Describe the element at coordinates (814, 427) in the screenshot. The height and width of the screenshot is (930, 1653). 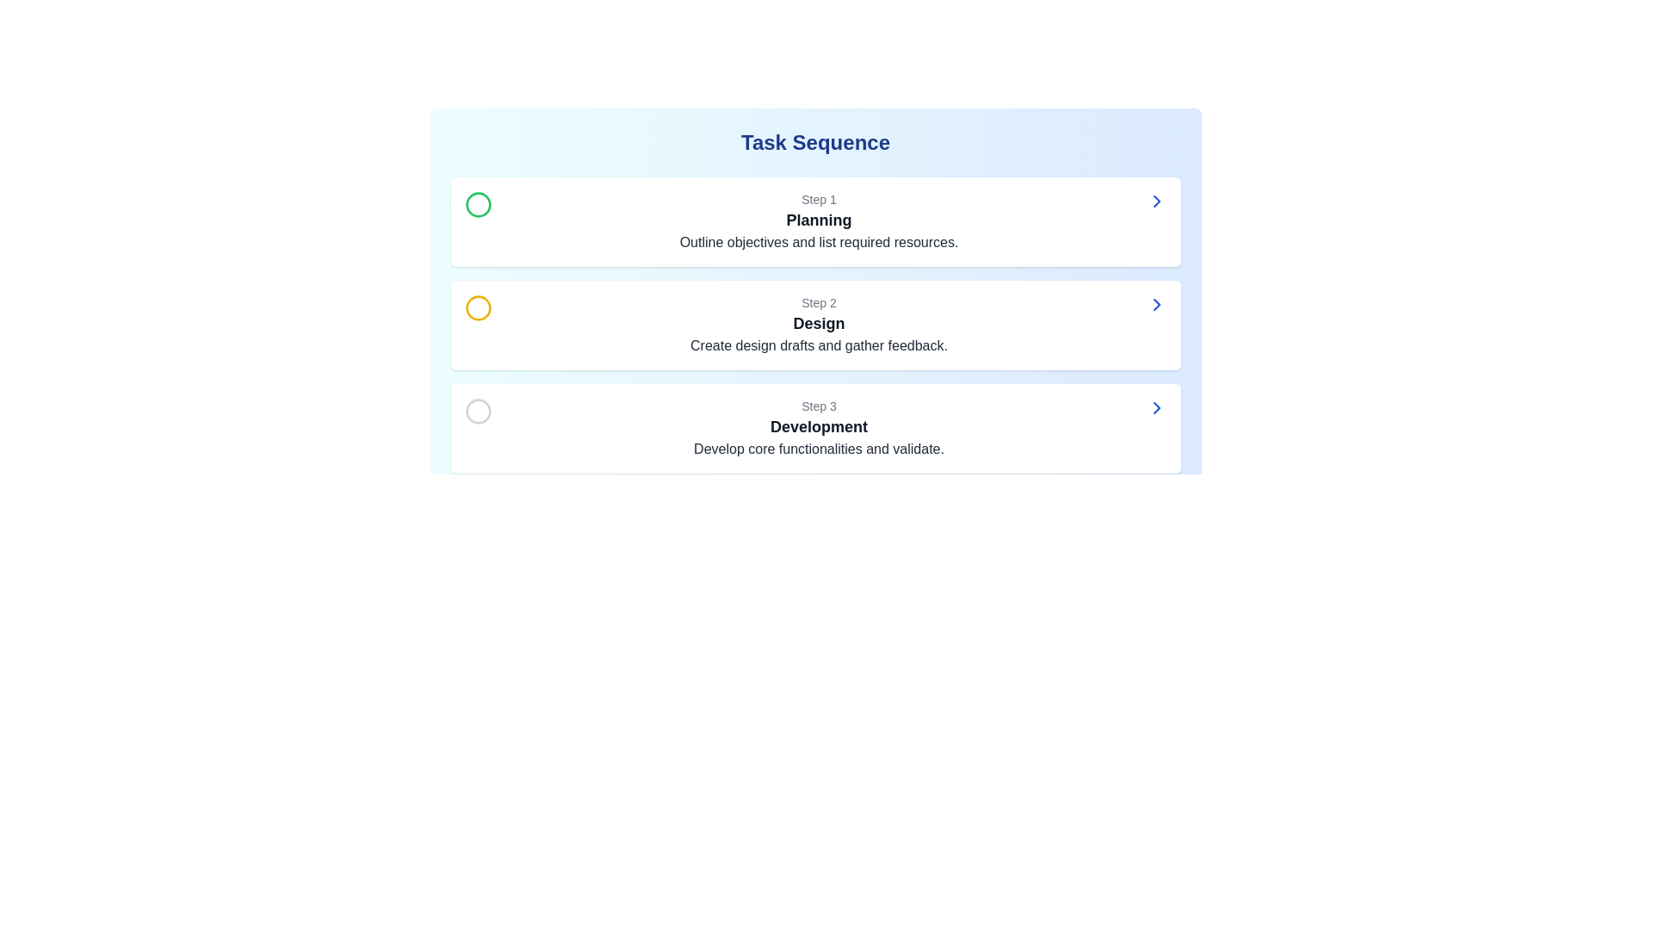
I see `the 'Development' card element, which is the third card in the Task Sequence section` at that location.